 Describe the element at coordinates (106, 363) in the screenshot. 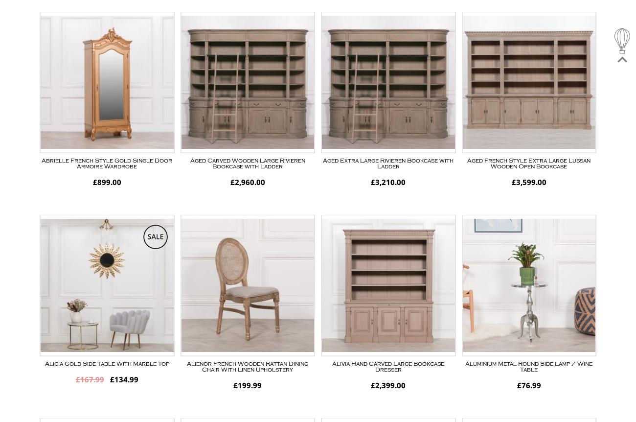

I see `'Alicia Gold Side Table With Marble Top'` at that location.